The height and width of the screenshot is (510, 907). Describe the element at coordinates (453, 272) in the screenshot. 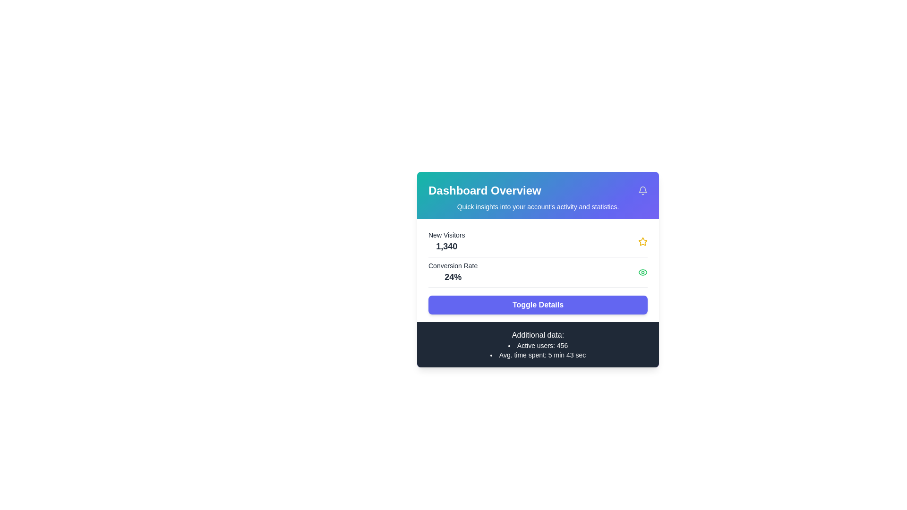

I see `the Text Display element that shows the conversion rate metric, located below the 'New Visitors' metric in the dashboard overview` at that location.